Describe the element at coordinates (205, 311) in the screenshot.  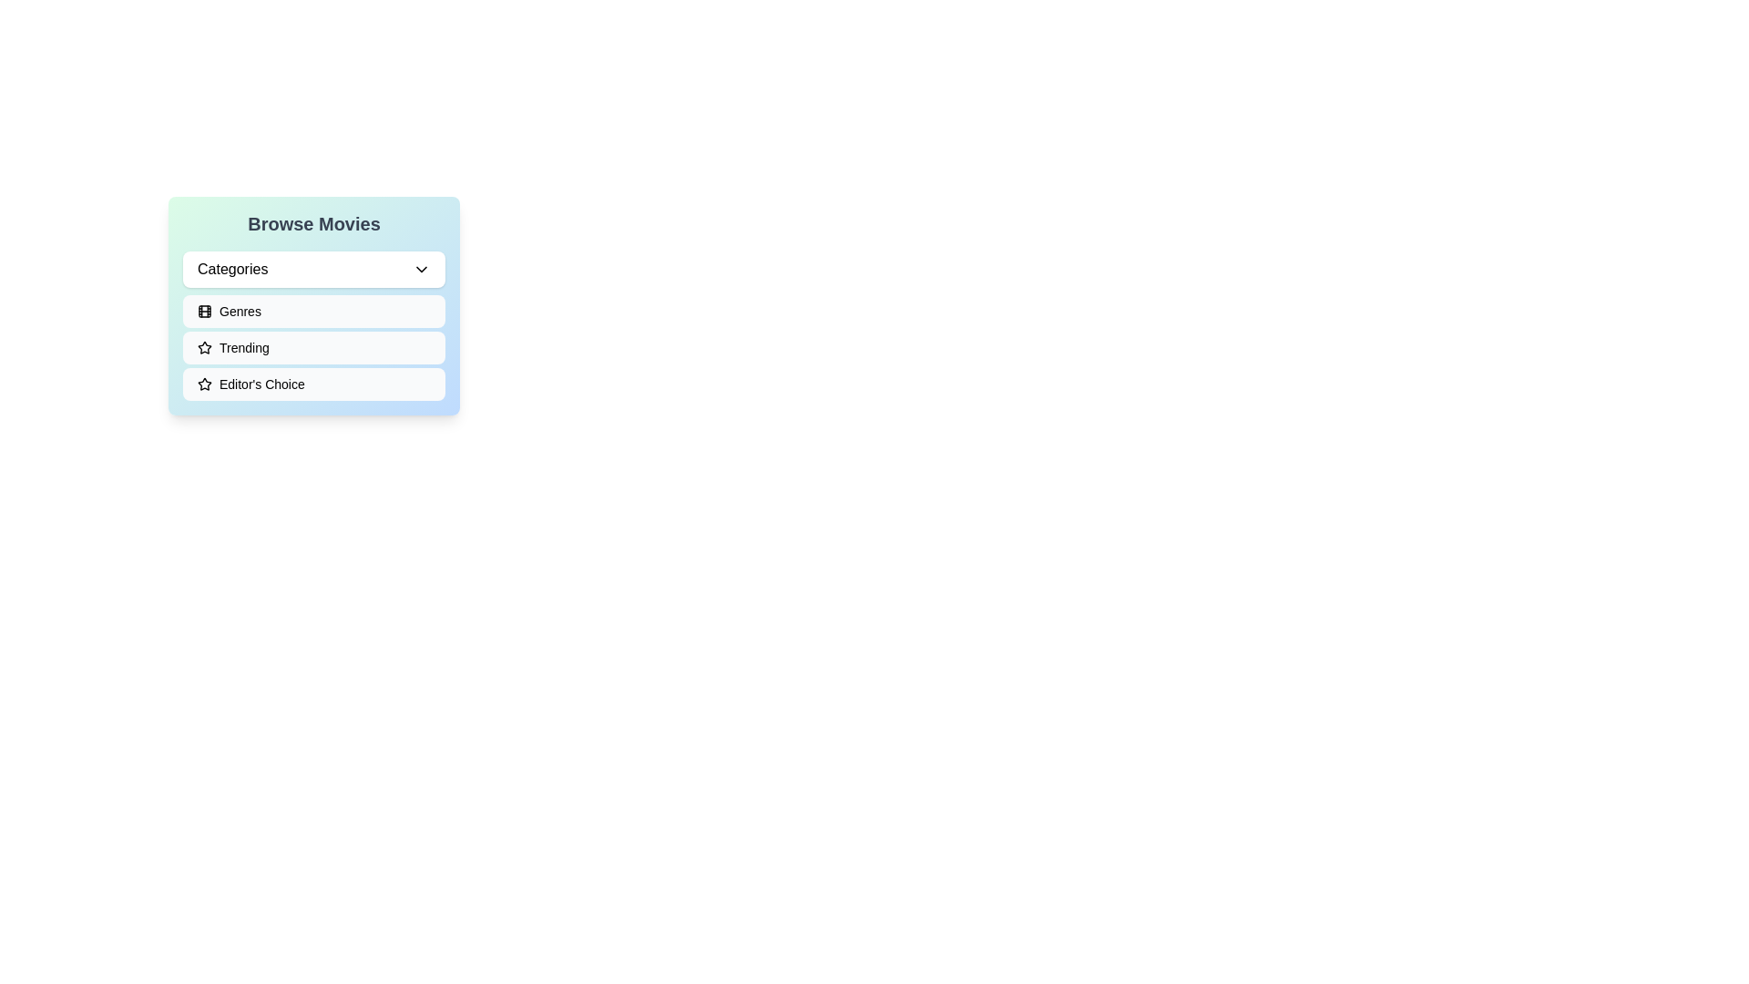
I see `the 'Genres' icon in the movie browsing interface, which is located in the 'Browse Movies' section under the 'Categories' dropdown` at that location.